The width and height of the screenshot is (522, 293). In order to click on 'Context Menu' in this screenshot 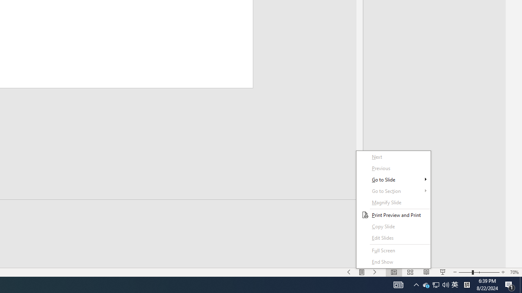, I will do `click(394, 209)`.